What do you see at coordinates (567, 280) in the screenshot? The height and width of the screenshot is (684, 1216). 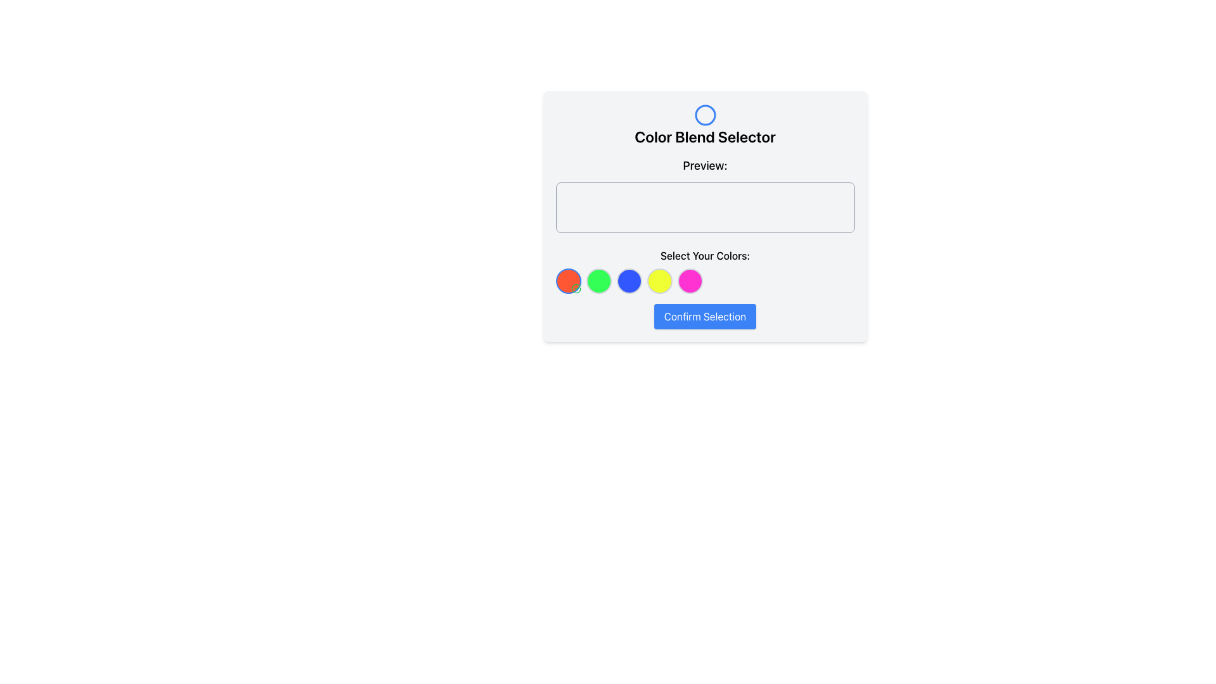 I see `the first circular color selection button for red color located at the far left of the row under the 'Select Your Colors' label` at bounding box center [567, 280].